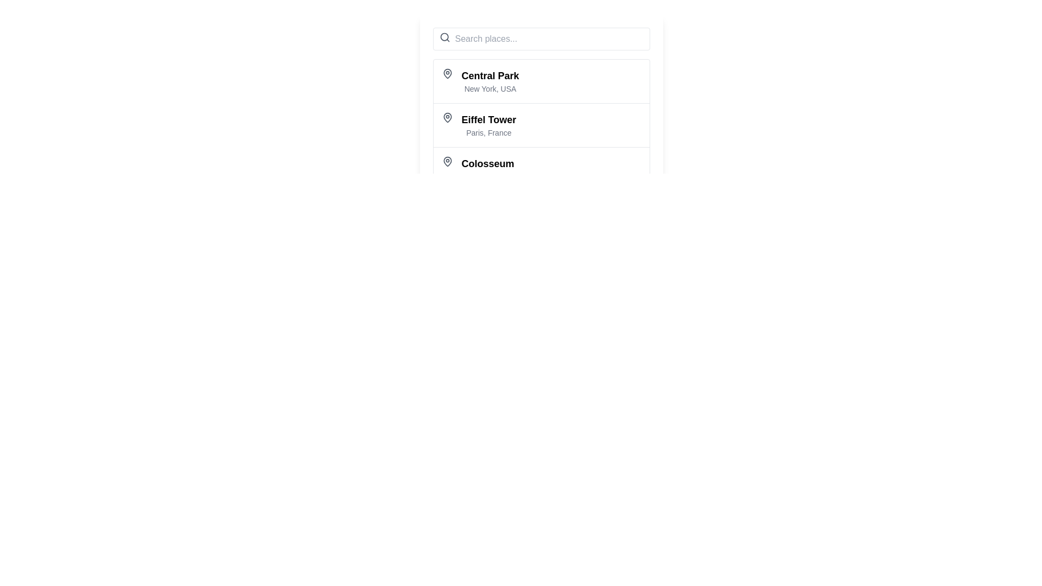  What do you see at coordinates (447, 117) in the screenshot?
I see `the Icon representing the location point for the 'Eiffel Tower' list item, which is positioned to the left of the text 'Eiffel Tower, Paris, France'` at bounding box center [447, 117].